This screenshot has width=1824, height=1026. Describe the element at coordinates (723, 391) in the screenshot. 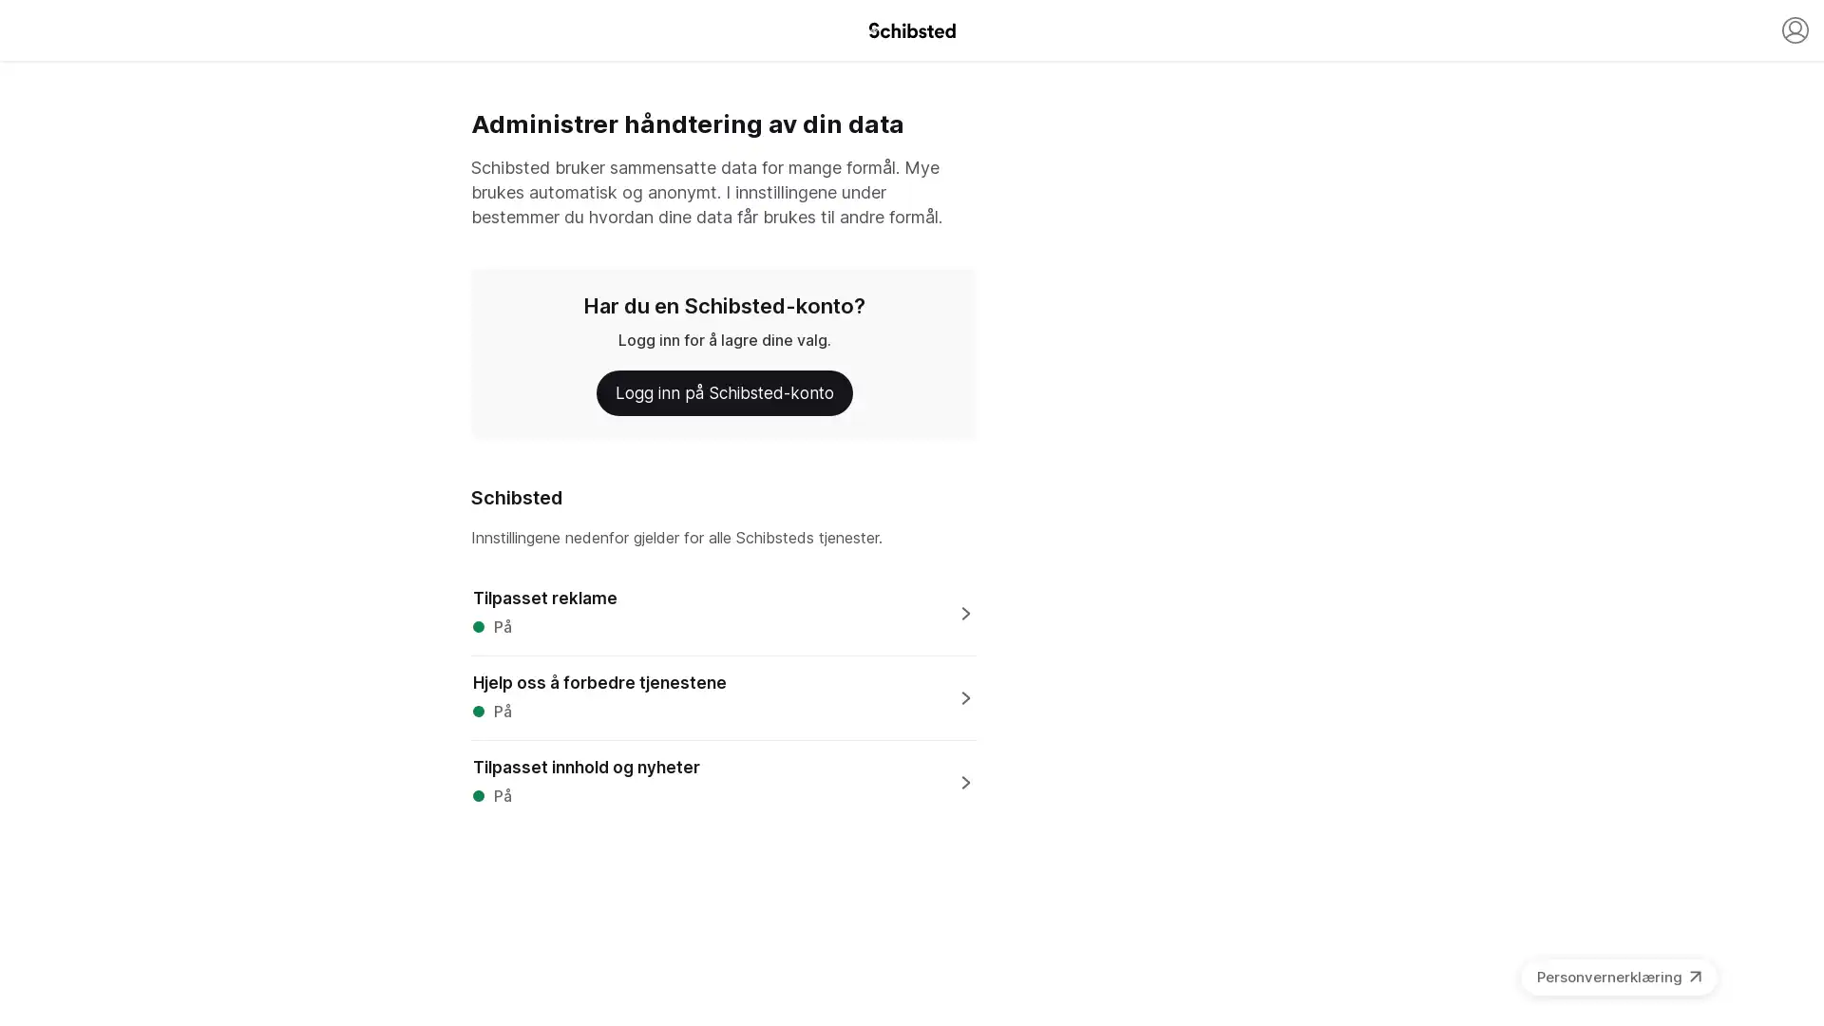

I see `Logg inn pa Schibsted-konto` at that location.